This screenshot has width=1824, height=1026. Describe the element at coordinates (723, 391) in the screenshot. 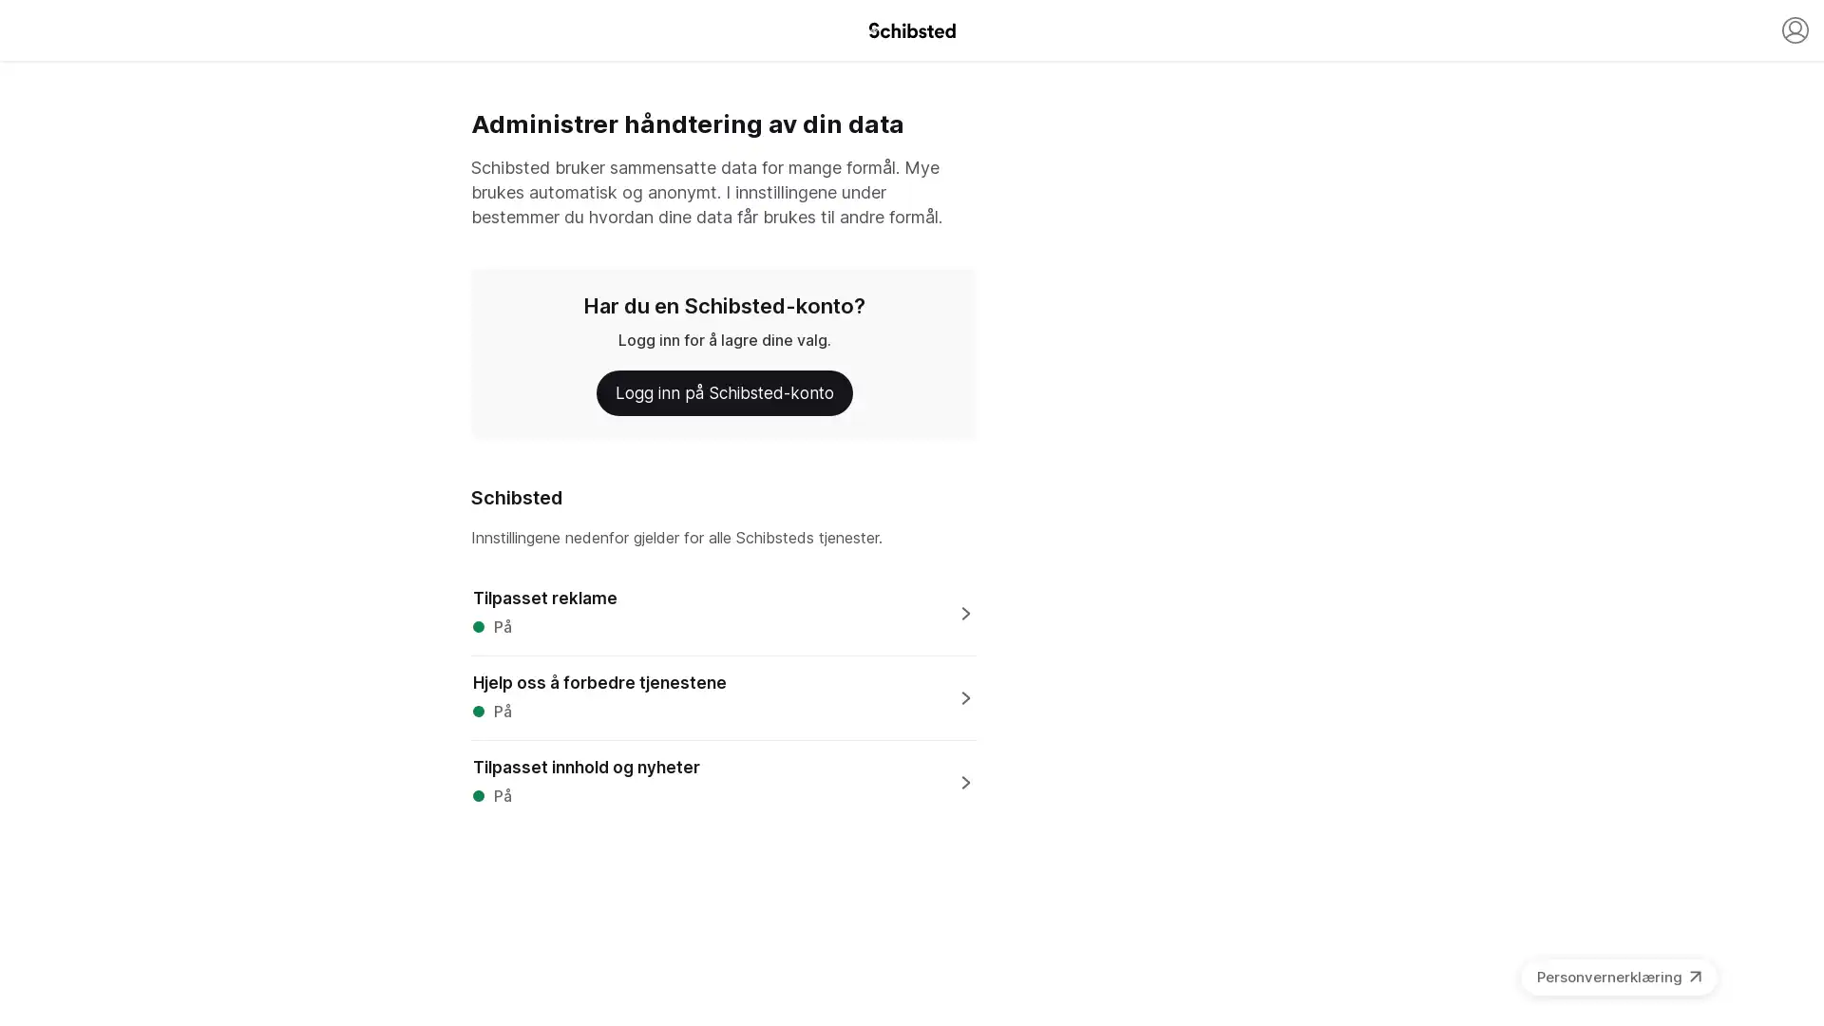

I see `Logg inn pa Schibsted-konto` at that location.